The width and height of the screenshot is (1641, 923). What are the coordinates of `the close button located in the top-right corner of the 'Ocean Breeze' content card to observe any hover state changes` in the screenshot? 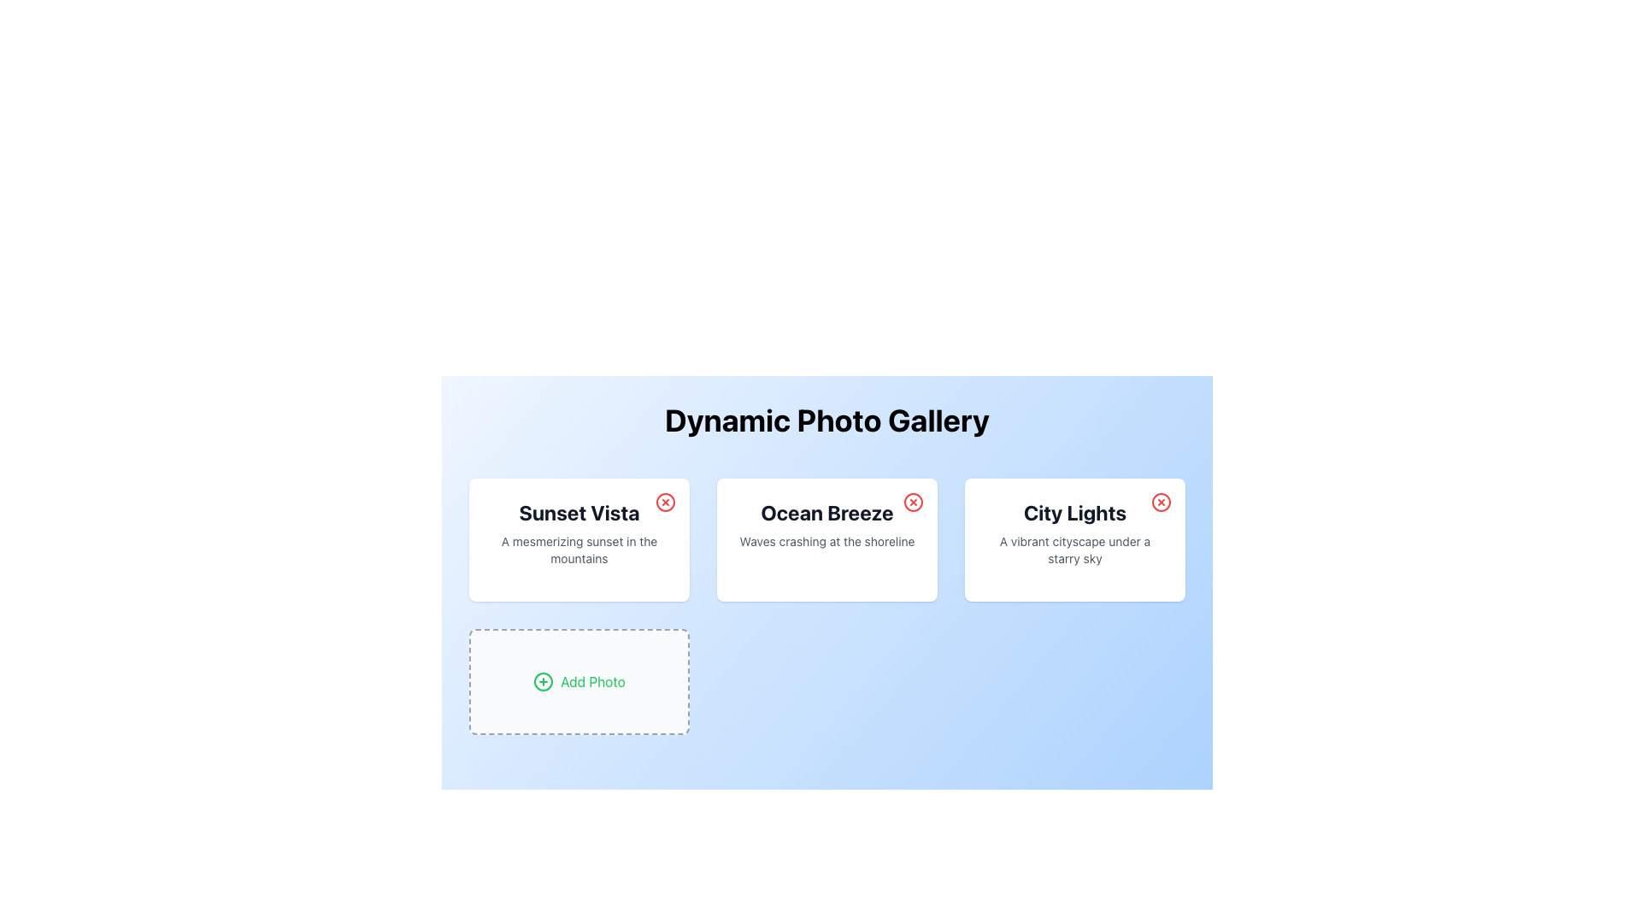 It's located at (913, 501).